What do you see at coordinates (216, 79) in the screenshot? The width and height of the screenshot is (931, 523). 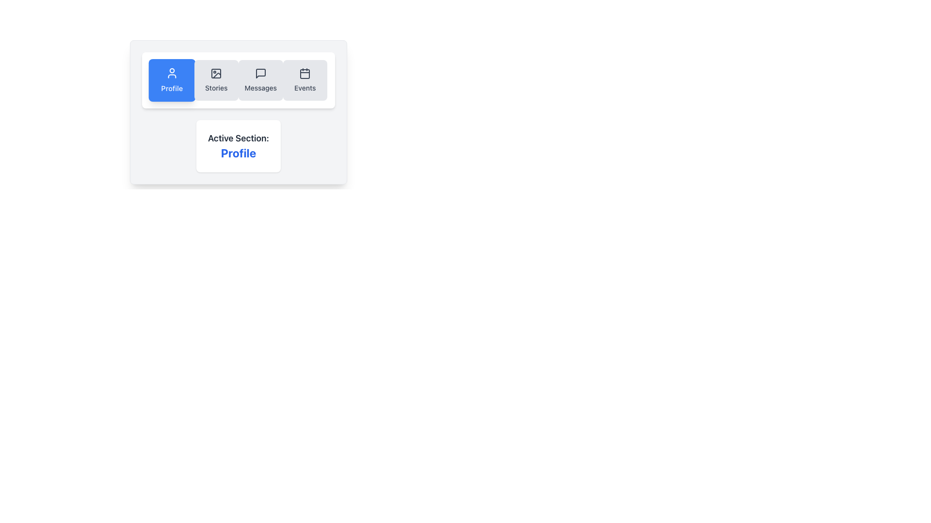 I see `the rectangular interactive button with a gray background and rounded corners that contains an icon of a mountain and sun above the text 'Stories'` at bounding box center [216, 79].